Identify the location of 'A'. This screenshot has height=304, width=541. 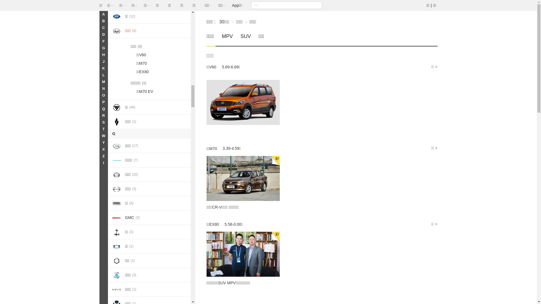
(103, 14).